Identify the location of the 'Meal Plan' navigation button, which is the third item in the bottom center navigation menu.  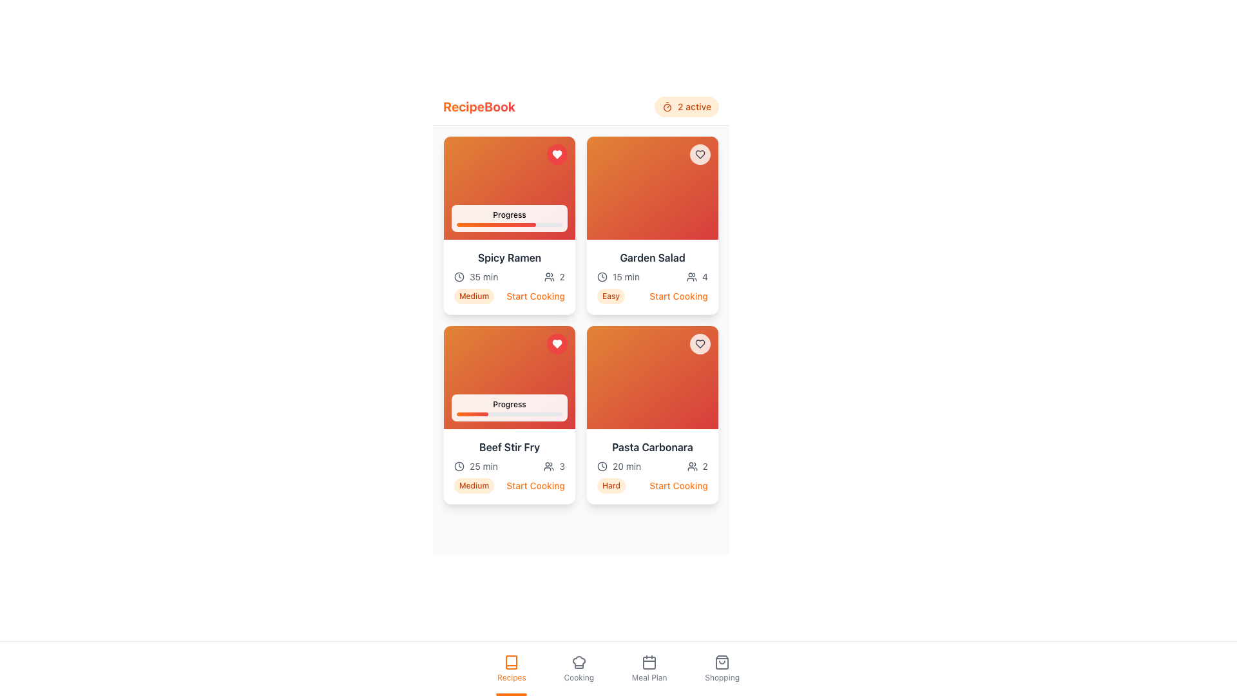
(618, 668).